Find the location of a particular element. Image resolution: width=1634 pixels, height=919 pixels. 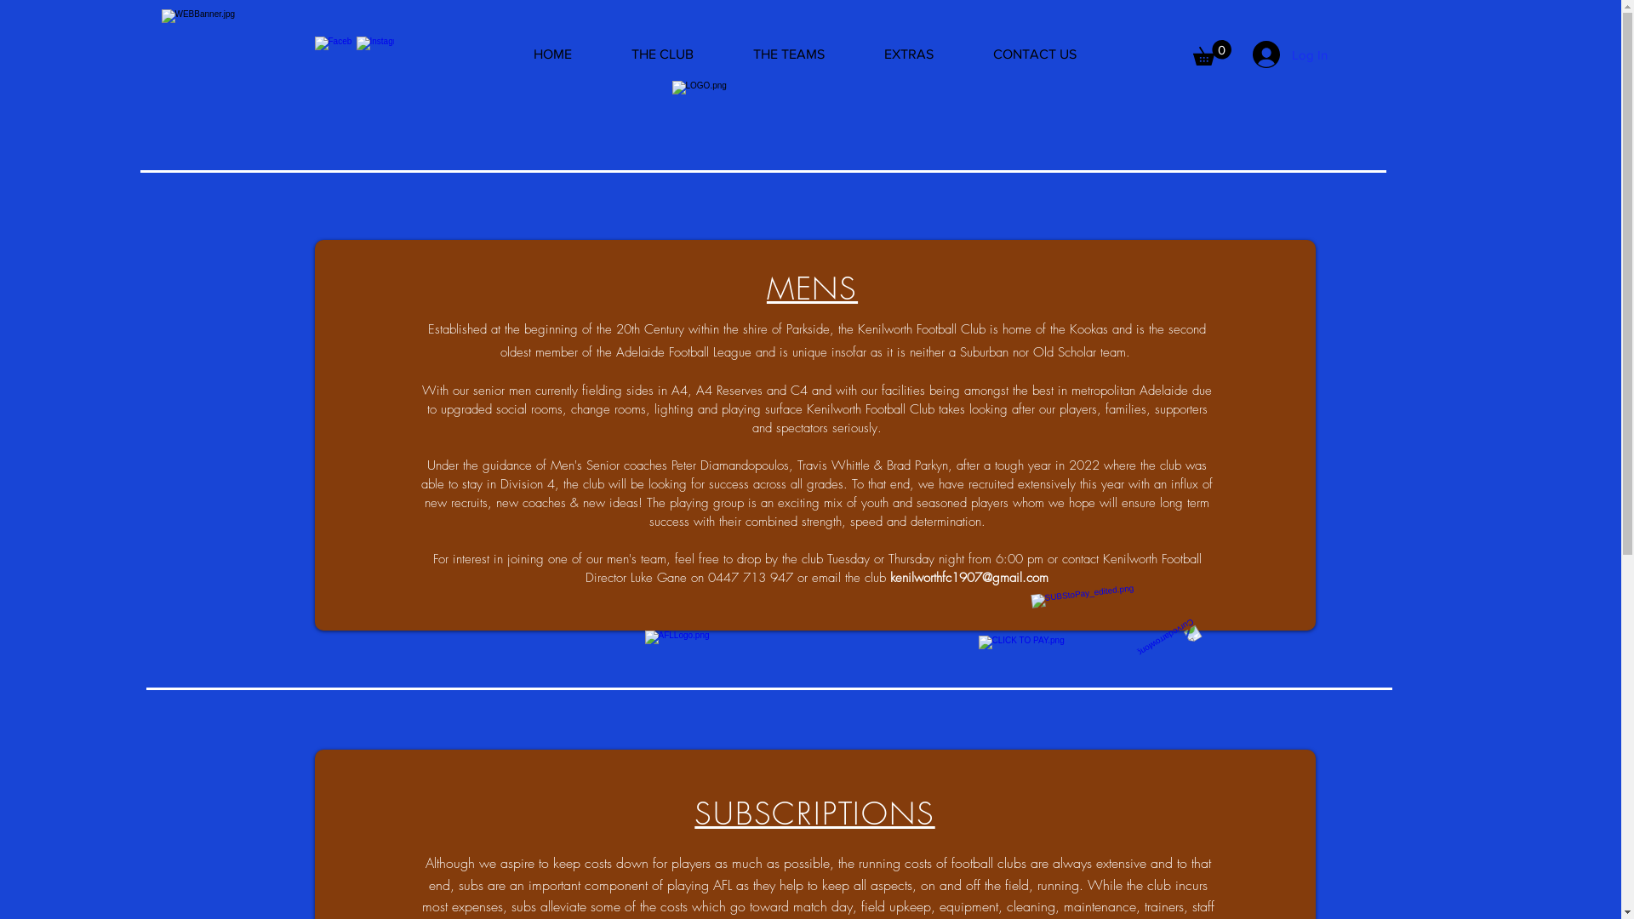

'CONTACT US' is located at coordinates (1033, 54).